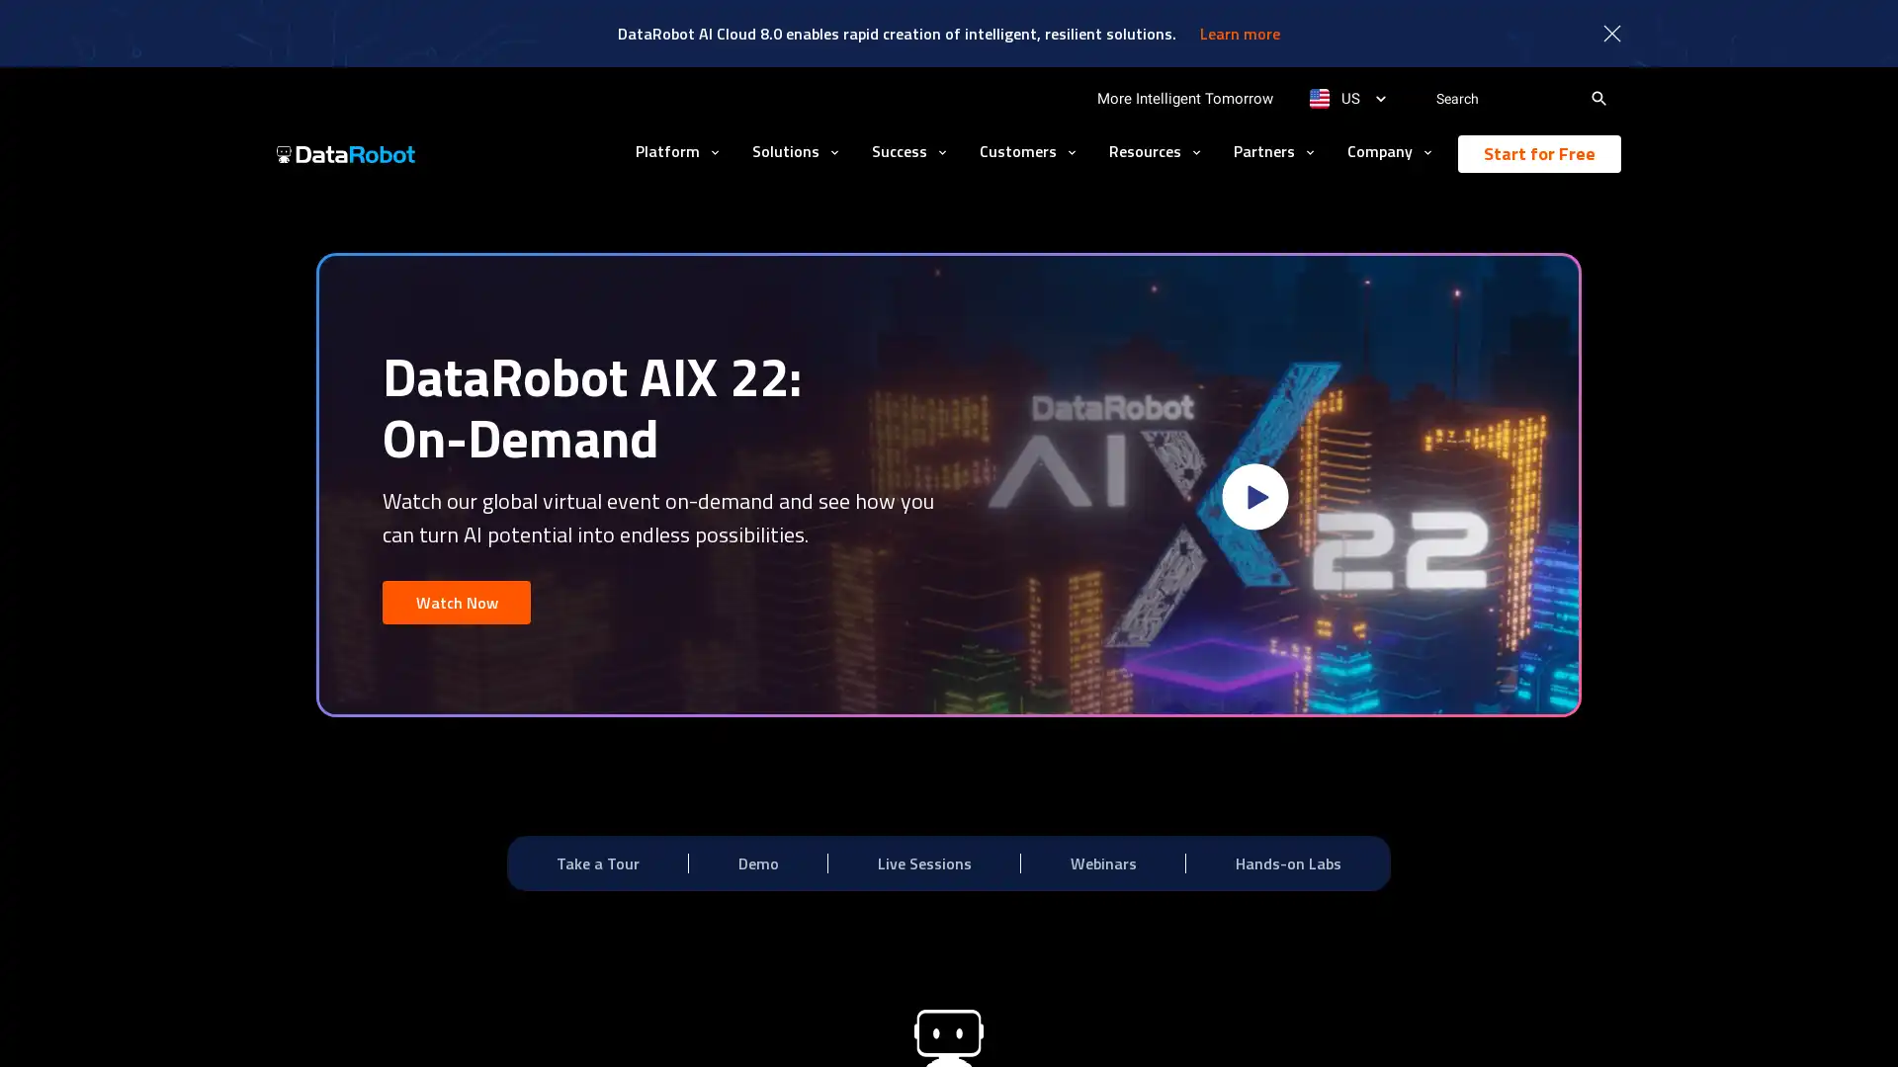  What do you see at coordinates (1520, 1023) in the screenshot?
I see `Close` at bounding box center [1520, 1023].